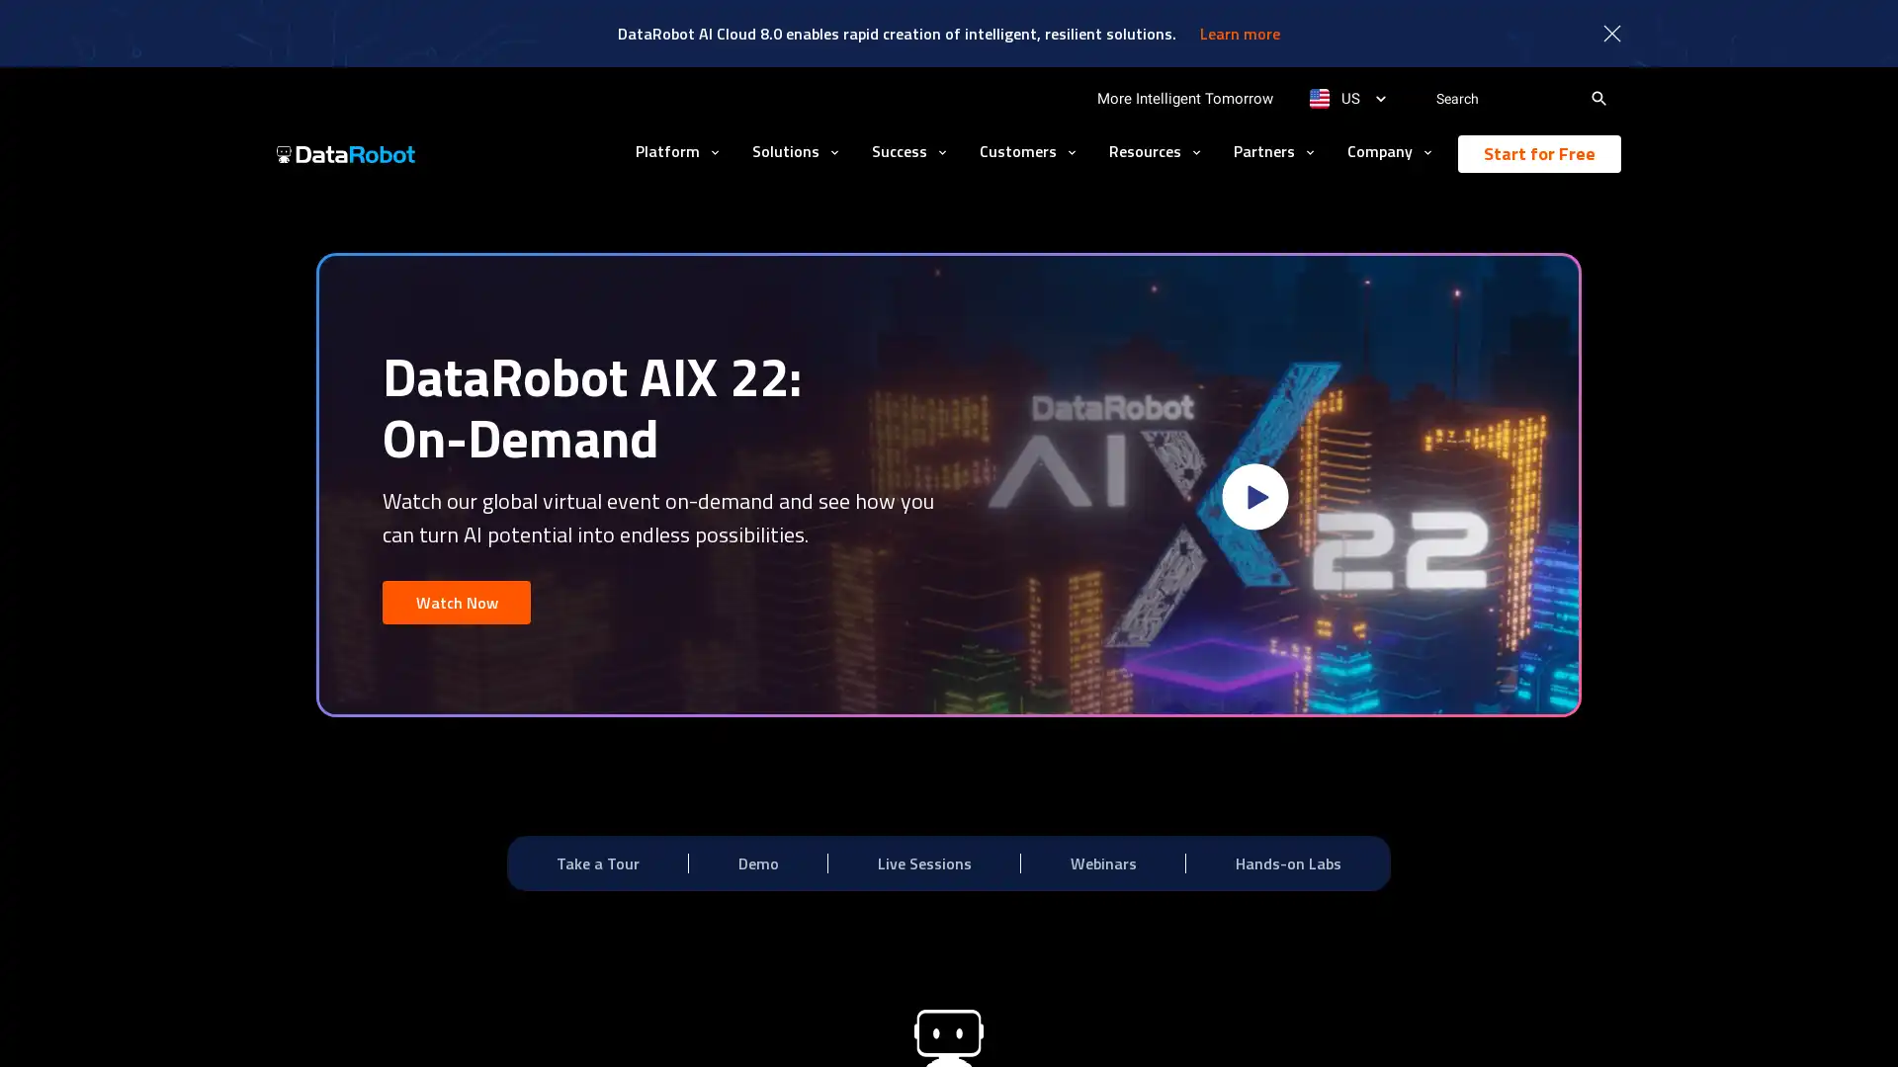  What do you see at coordinates (1520, 1023) in the screenshot?
I see `Close` at bounding box center [1520, 1023].